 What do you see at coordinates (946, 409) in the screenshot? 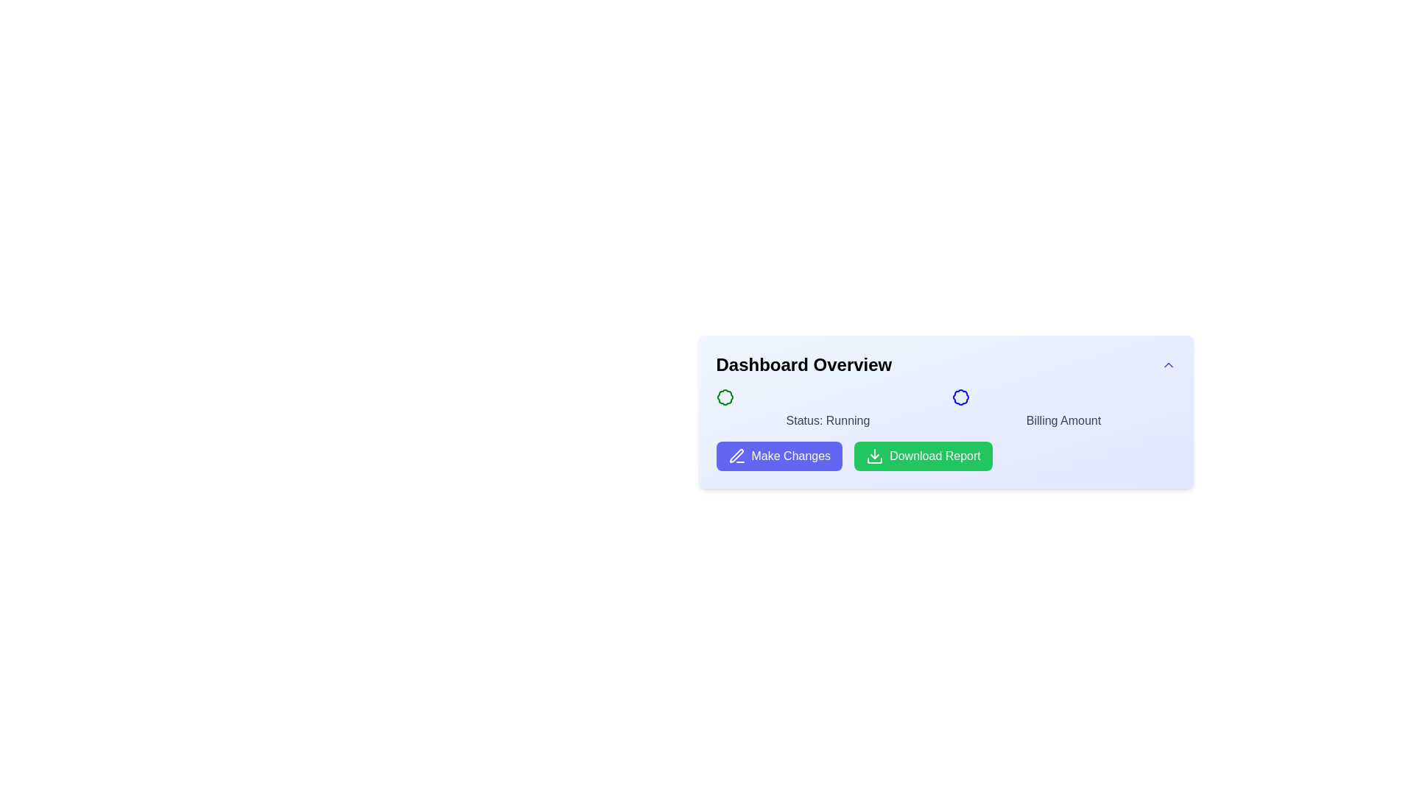
I see `the informational panel that displays the status 'Running' and the associated billing amount, located centrally within the 'Dashboard Overview' card, just below the title` at bounding box center [946, 409].